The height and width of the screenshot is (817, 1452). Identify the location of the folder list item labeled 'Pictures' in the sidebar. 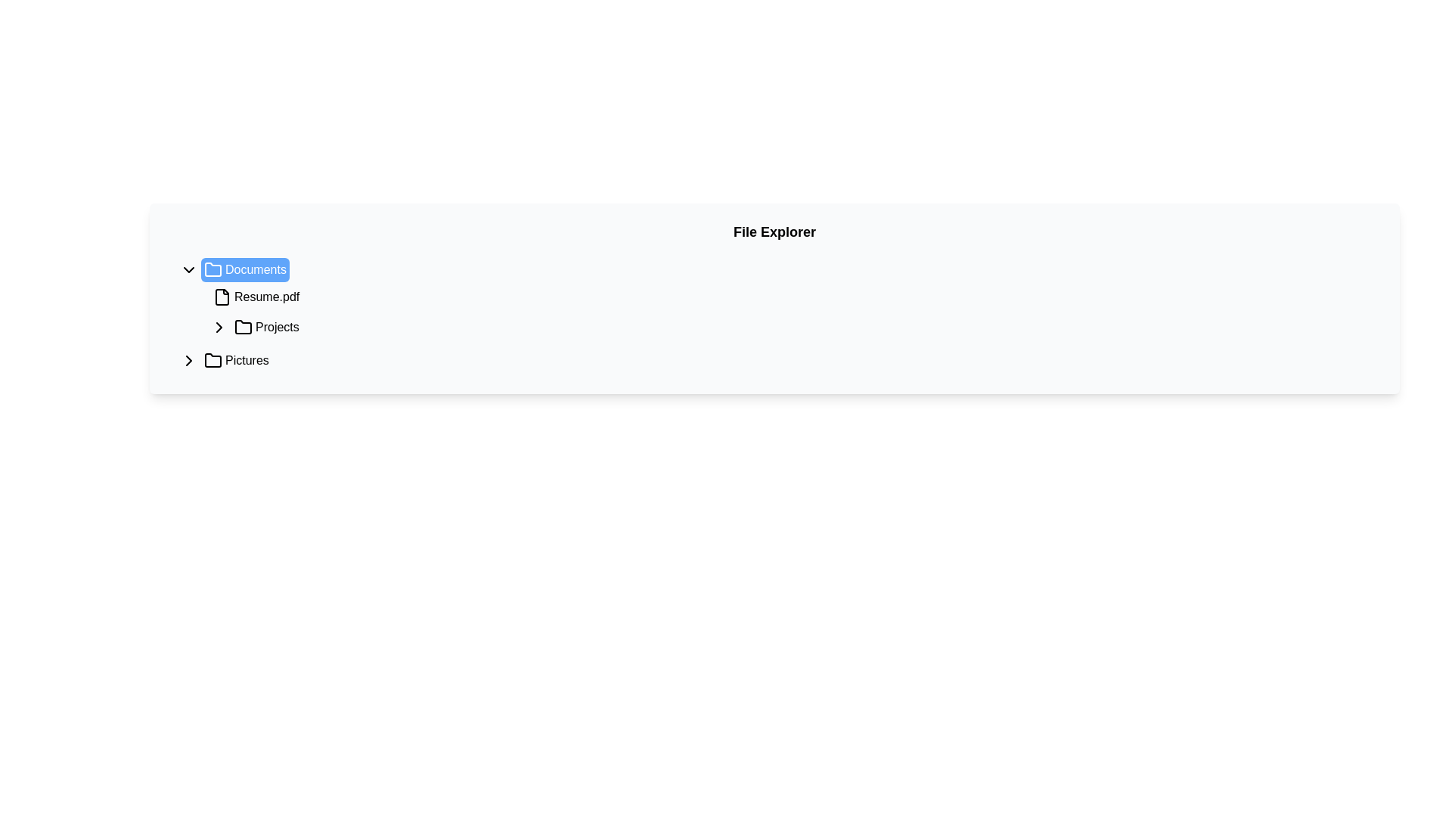
(235, 361).